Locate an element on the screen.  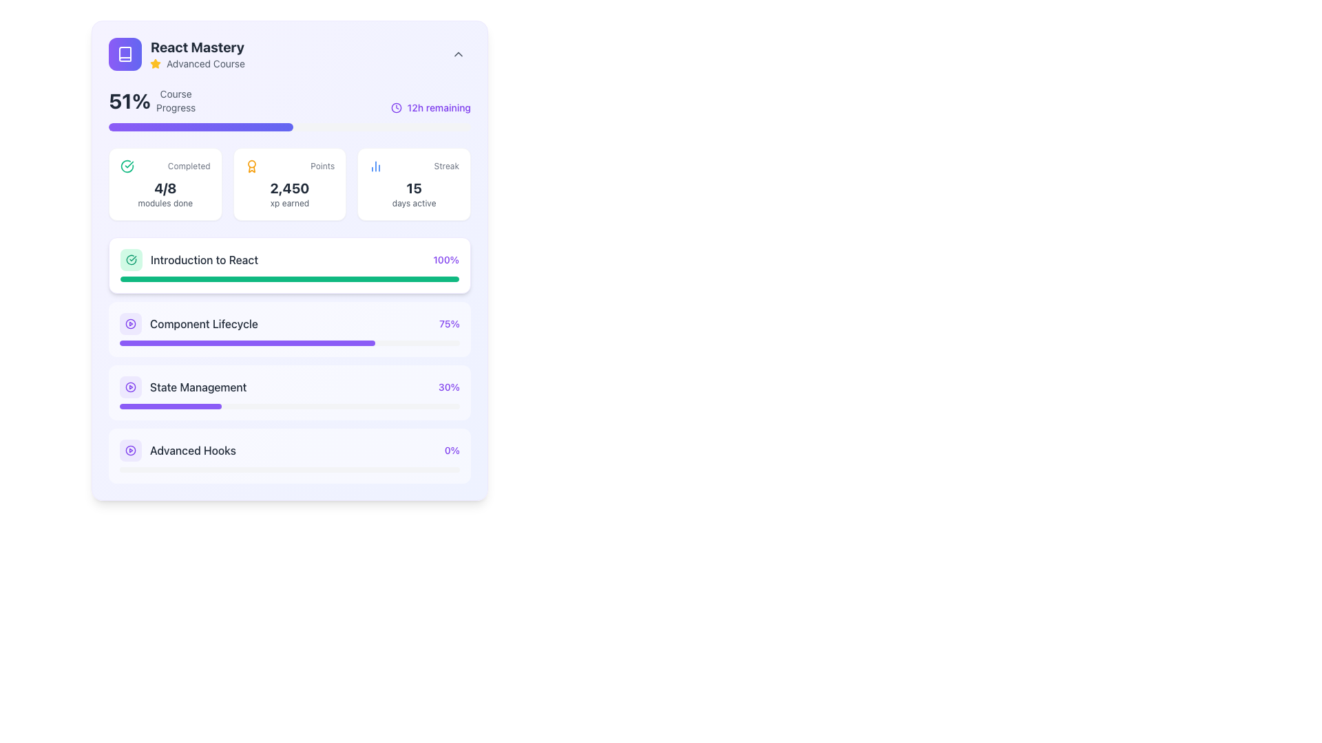
the downward-facing chevron icon in the top-right corner of the card is located at coordinates (459, 53).